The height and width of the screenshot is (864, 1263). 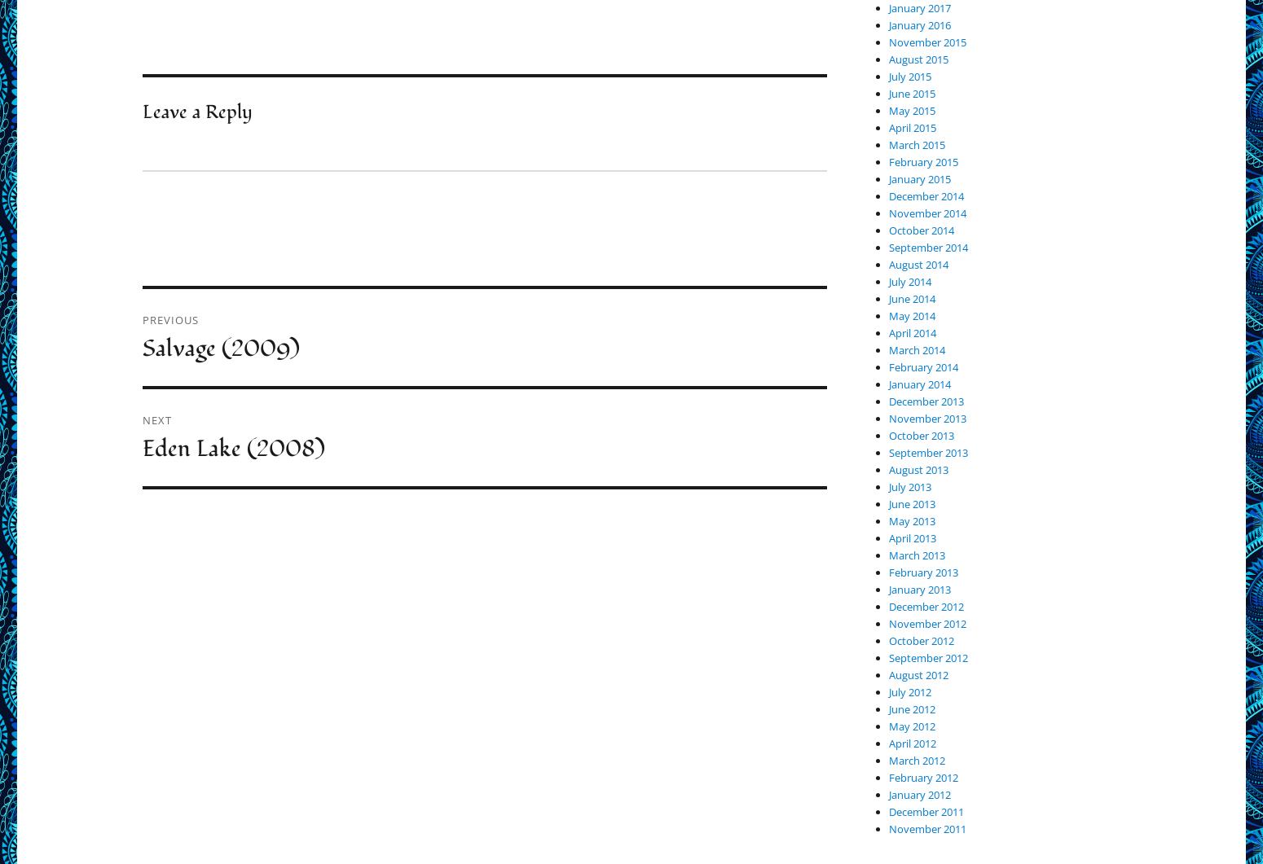 I want to click on 'January 2017', so click(x=919, y=7).